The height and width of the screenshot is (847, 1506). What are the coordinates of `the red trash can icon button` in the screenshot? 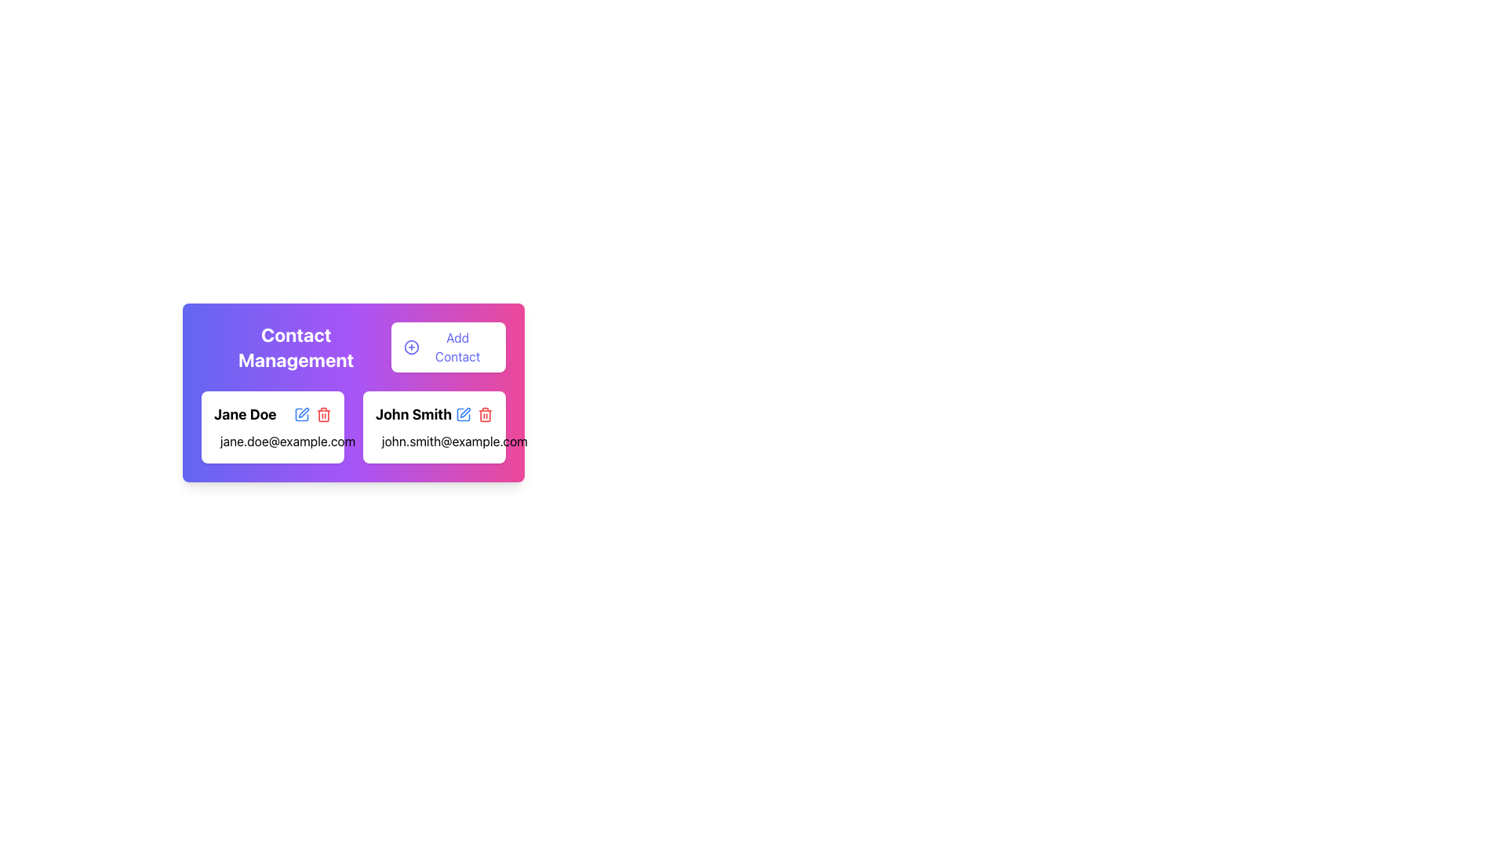 It's located at (485, 413).